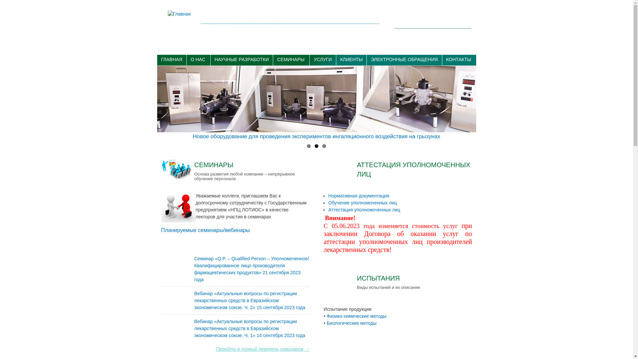  I want to click on 'lotios@lotios.by', so click(409, 36).